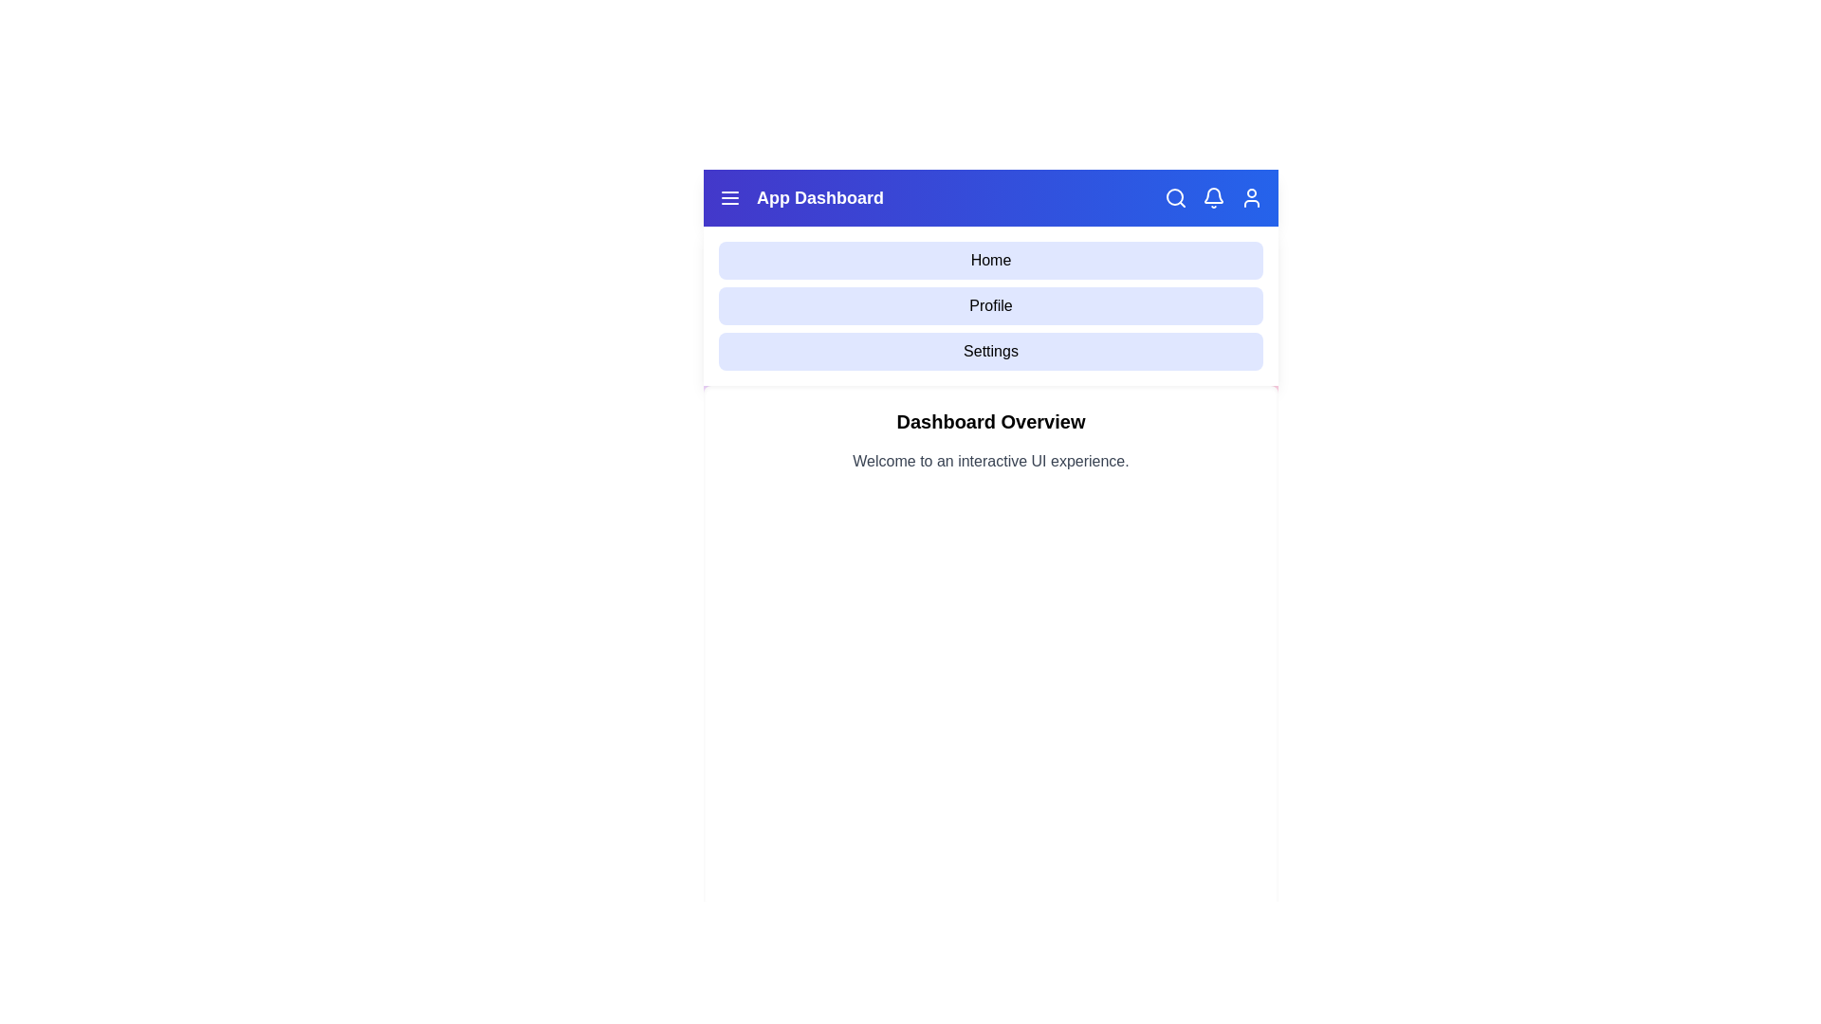  Describe the element at coordinates (1214, 197) in the screenshot. I see `the notification bell icon` at that location.